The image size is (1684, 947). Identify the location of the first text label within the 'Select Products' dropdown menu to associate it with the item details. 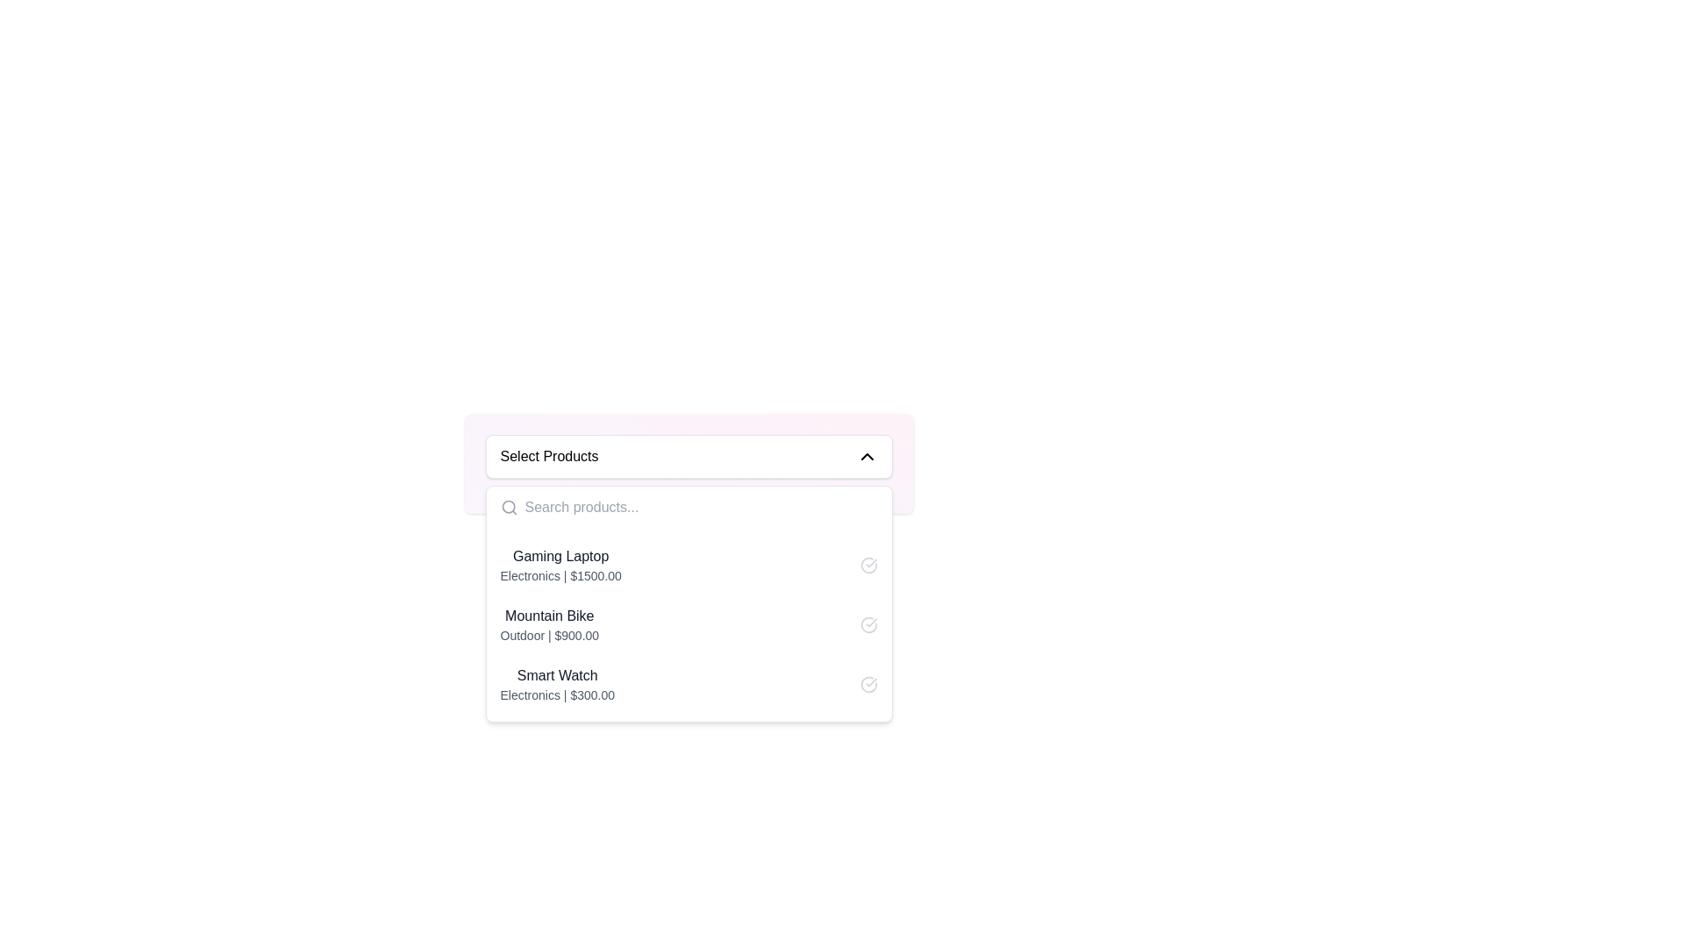
(560, 557).